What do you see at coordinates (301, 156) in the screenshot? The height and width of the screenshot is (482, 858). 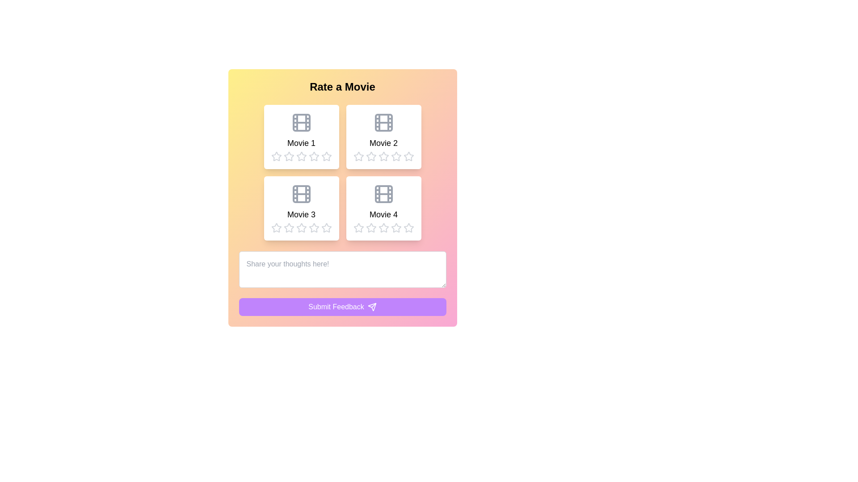 I see `the star icon with a hollow outline and light gray color, which is the second star from the left` at bounding box center [301, 156].